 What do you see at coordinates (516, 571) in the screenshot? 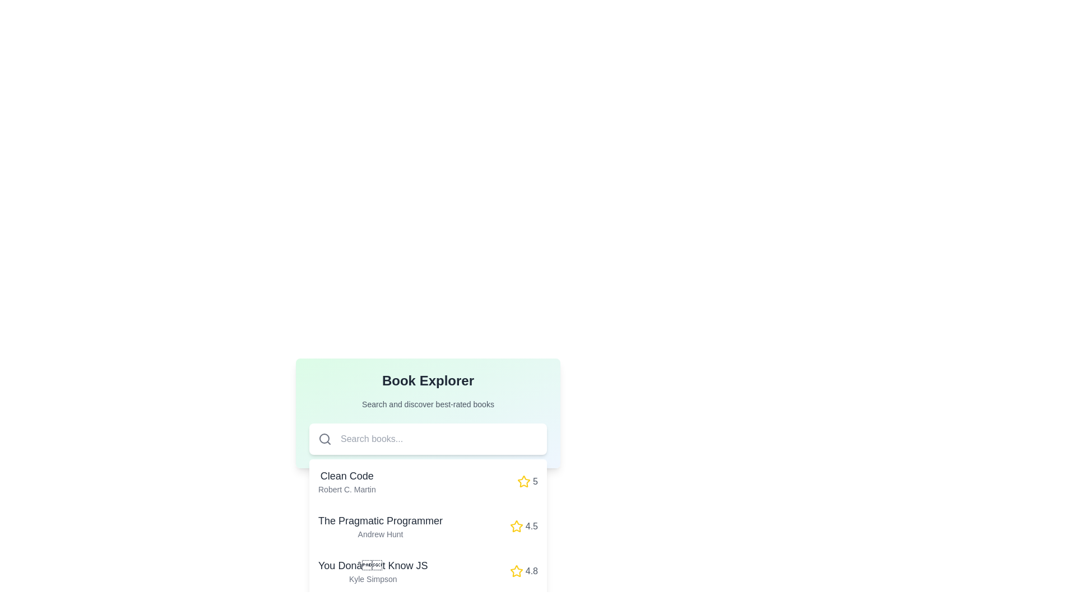
I see `the Rating Icon that visually represents the rating score for the book "You Don't Know JS", located towards the right edge of the interface and aligned horizontally near the book title` at bounding box center [516, 571].